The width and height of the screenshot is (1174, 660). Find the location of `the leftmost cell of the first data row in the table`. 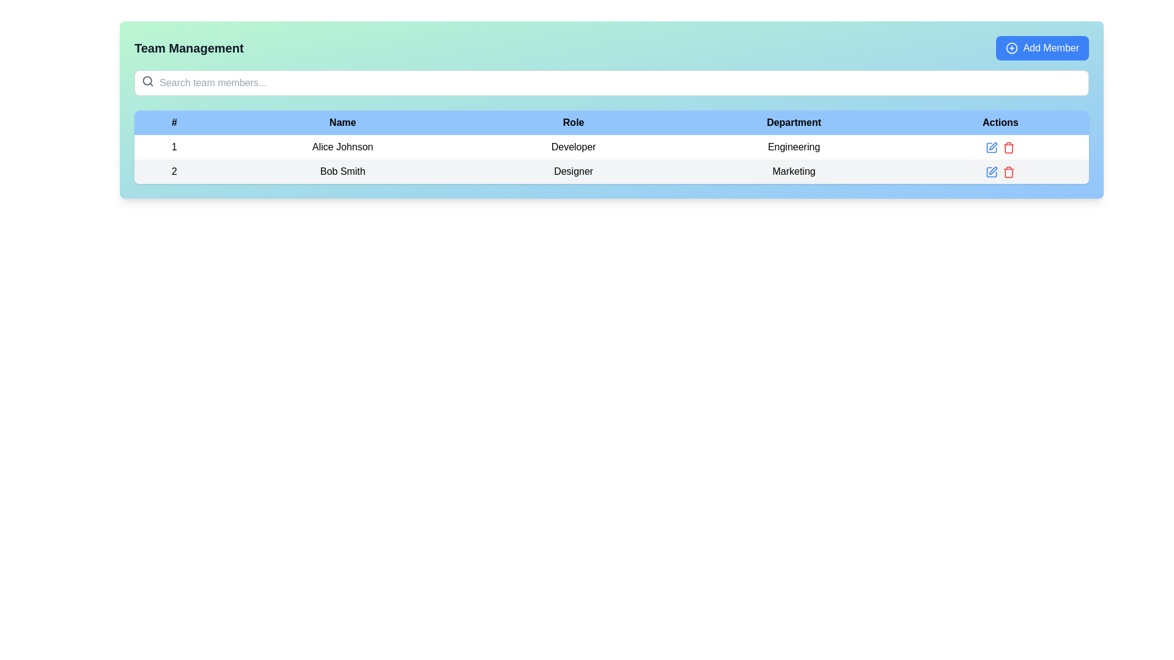

the leftmost cell of the first data row in the table is located at coordinates (174, 146).